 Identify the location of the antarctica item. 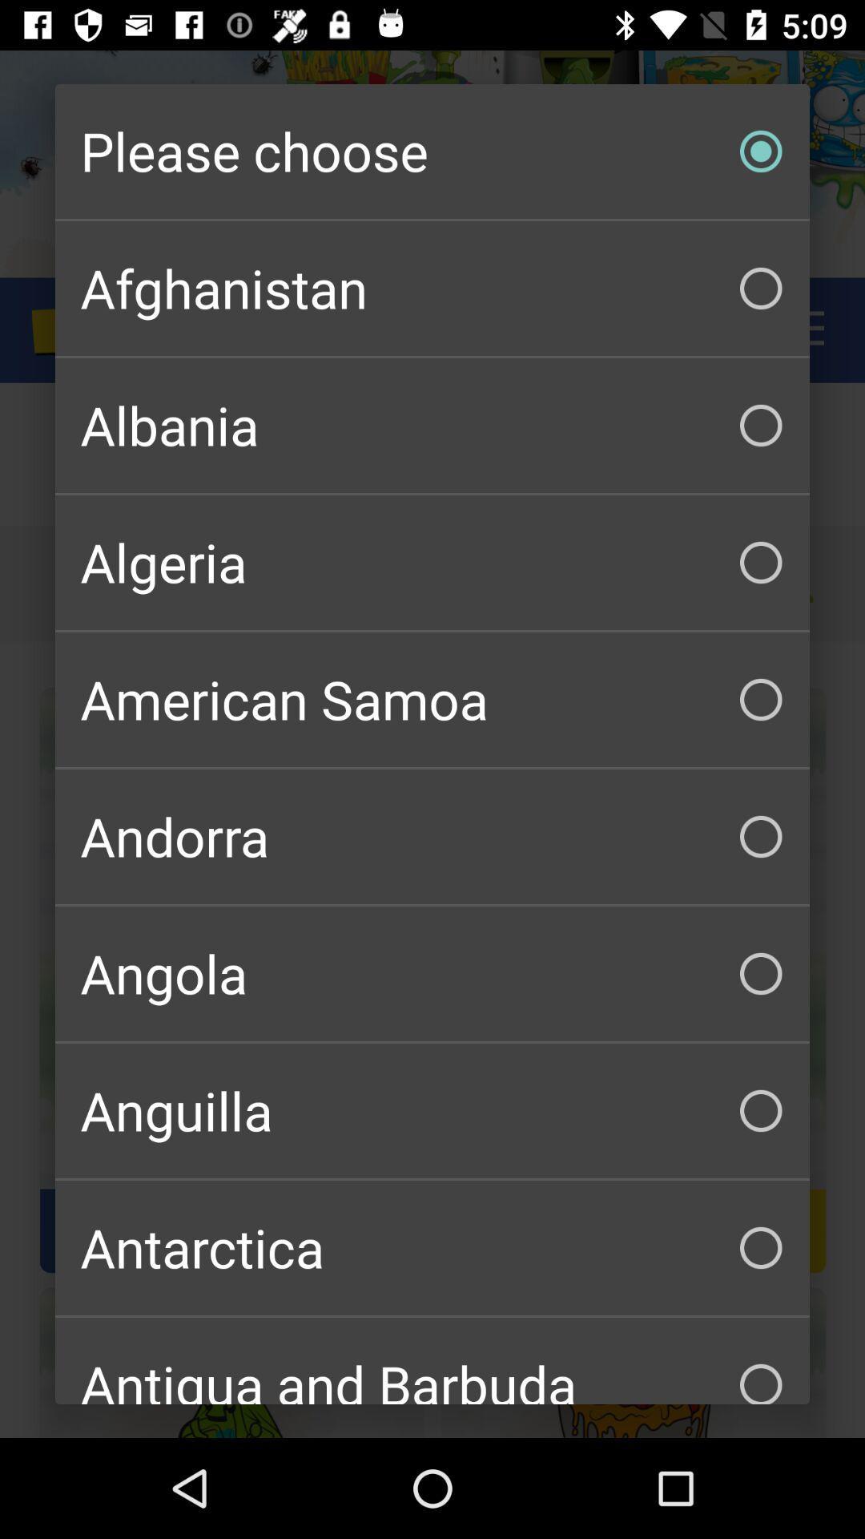
(432, 1246).